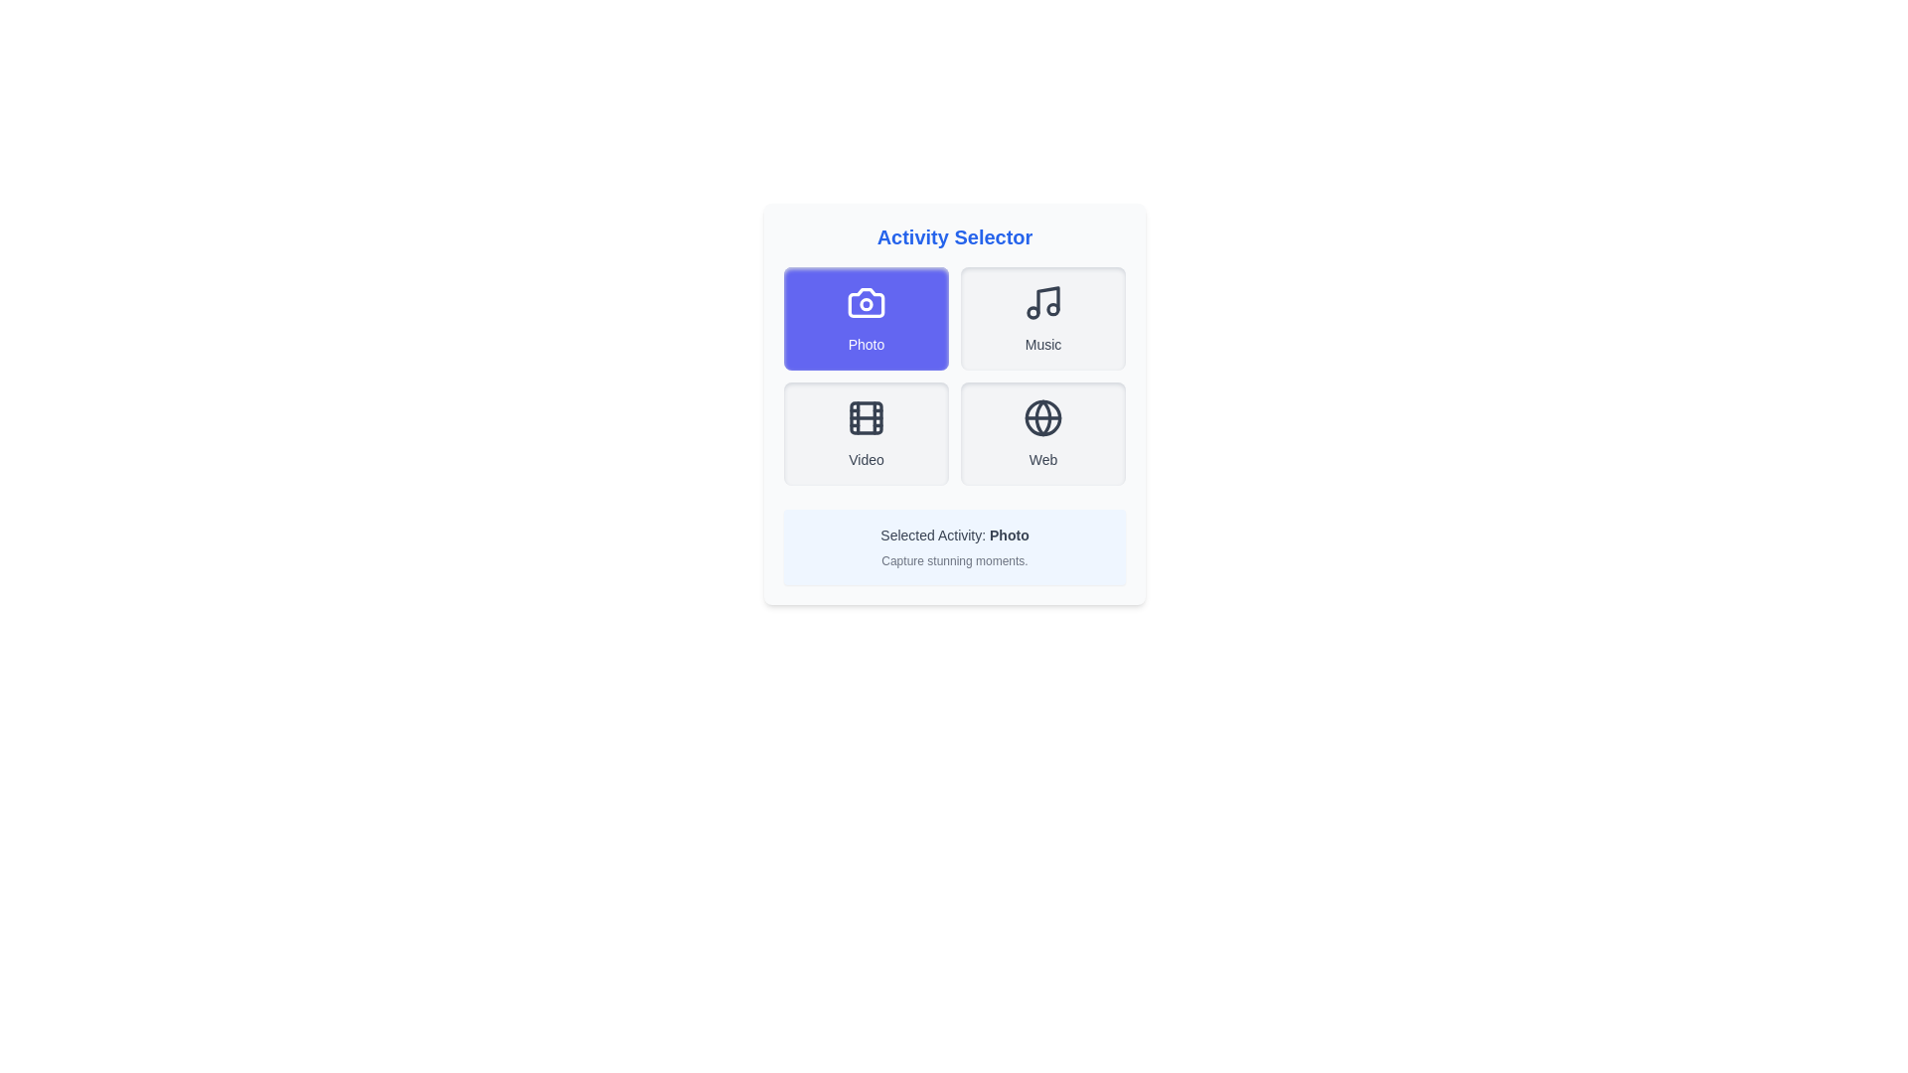 This screenshot has height=1073, width=1908. I want to click on the 'Music' activity option icon, which is part of the 'Music' button group and located above the text 'Music' in the top-right quadrant of the interface, so click(1042, 302).